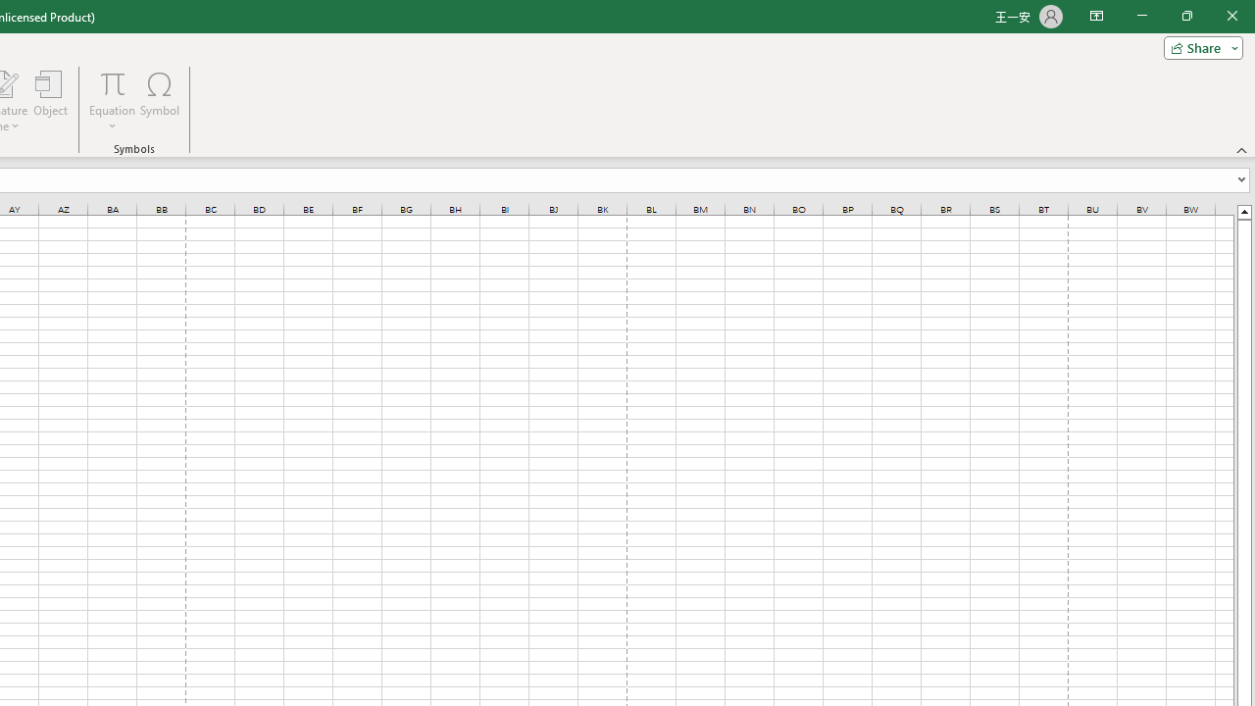 Image resolution: width=1255 pixels, height=706 pixels. Describe the element at coordinates (1095, 16) in the screenshot. I see `'Ribbon Display Options'` at that location.